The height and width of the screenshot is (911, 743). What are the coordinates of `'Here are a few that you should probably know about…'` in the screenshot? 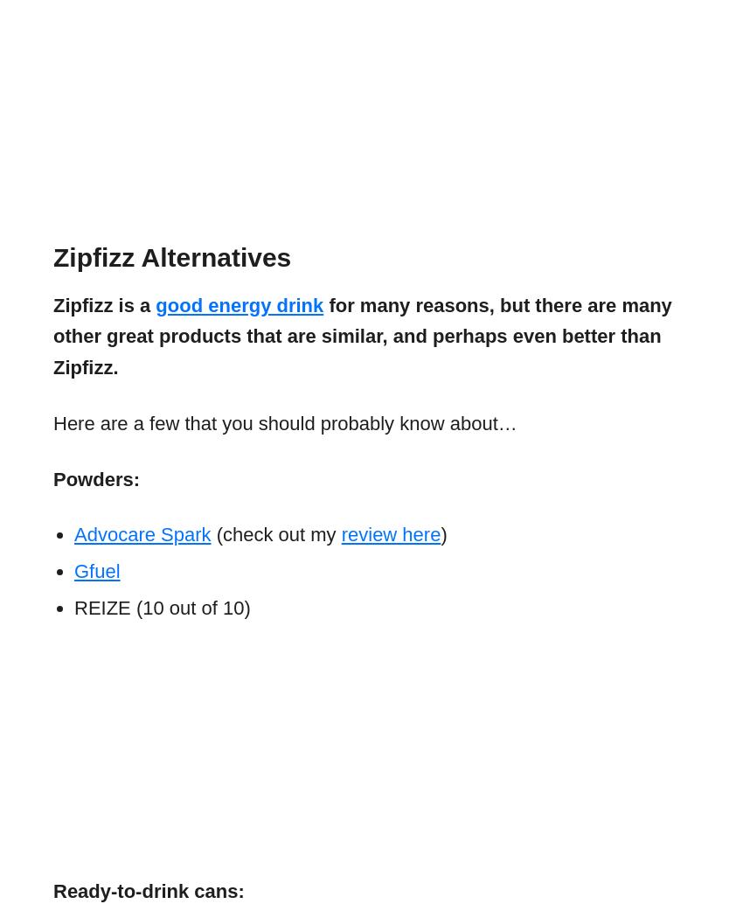 It's located at (284, 422).